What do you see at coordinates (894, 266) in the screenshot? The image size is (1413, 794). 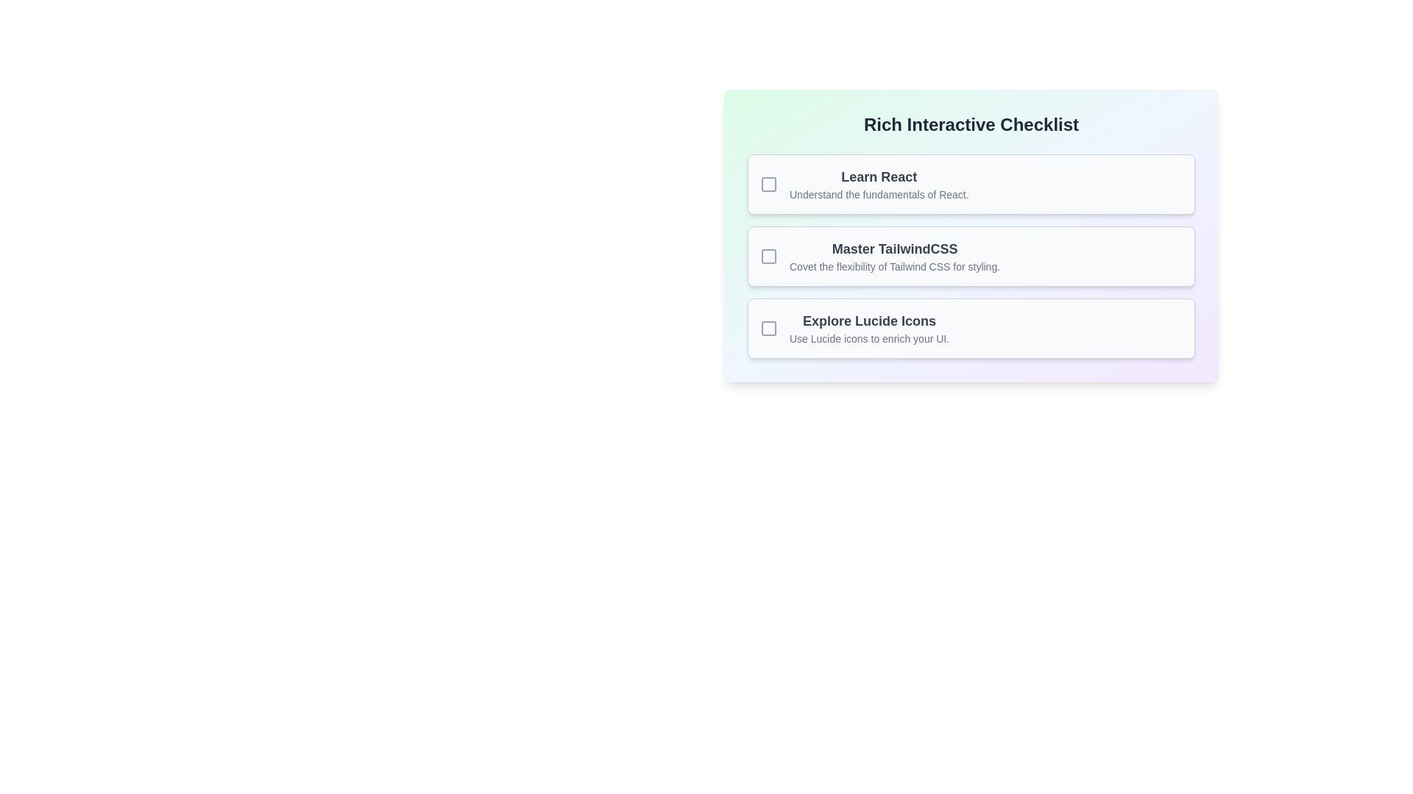 I see `the static text that reads 'Covet the flexibility of Tailwind CSS for styling.' located within the 'Master TailwindCSS' section, directly below the heading 'Master TailwindCSS'` at bounding box center [894, 266].